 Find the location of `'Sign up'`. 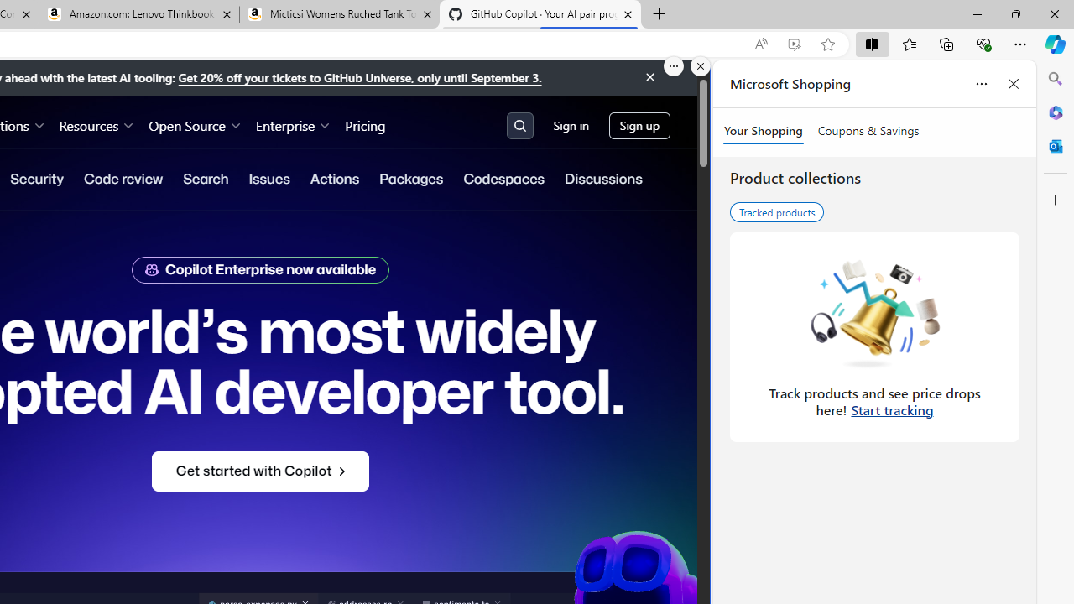

'Sign up' is located at coordinates (639, 124).